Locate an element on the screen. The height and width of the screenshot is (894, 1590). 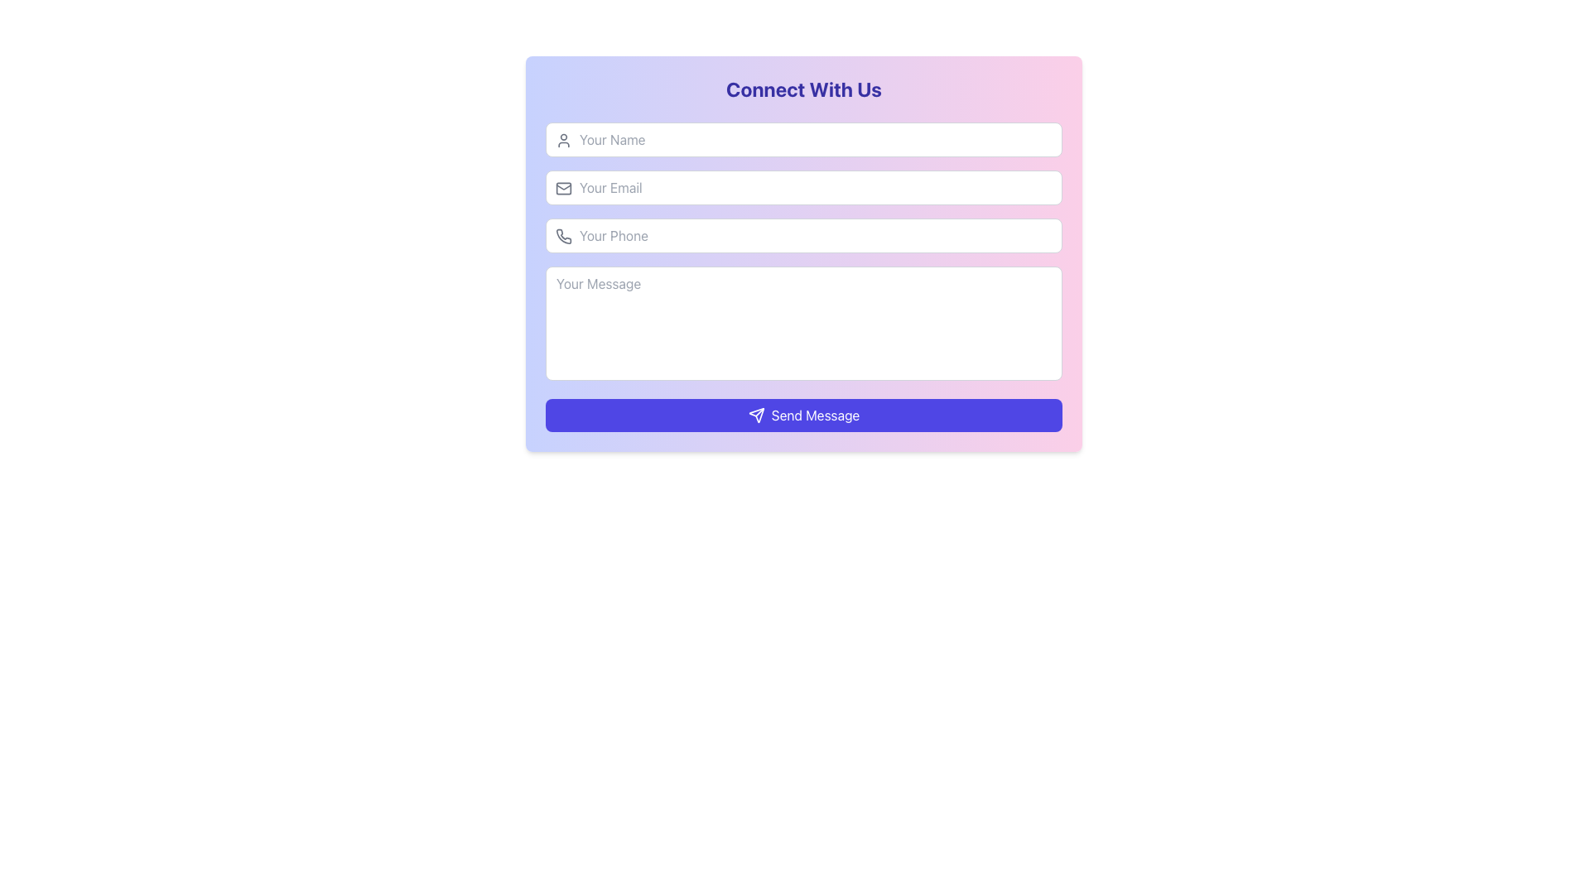
the title text element at the top center of the panel, which provides context to the form below it is located at coordinates (803, 89).